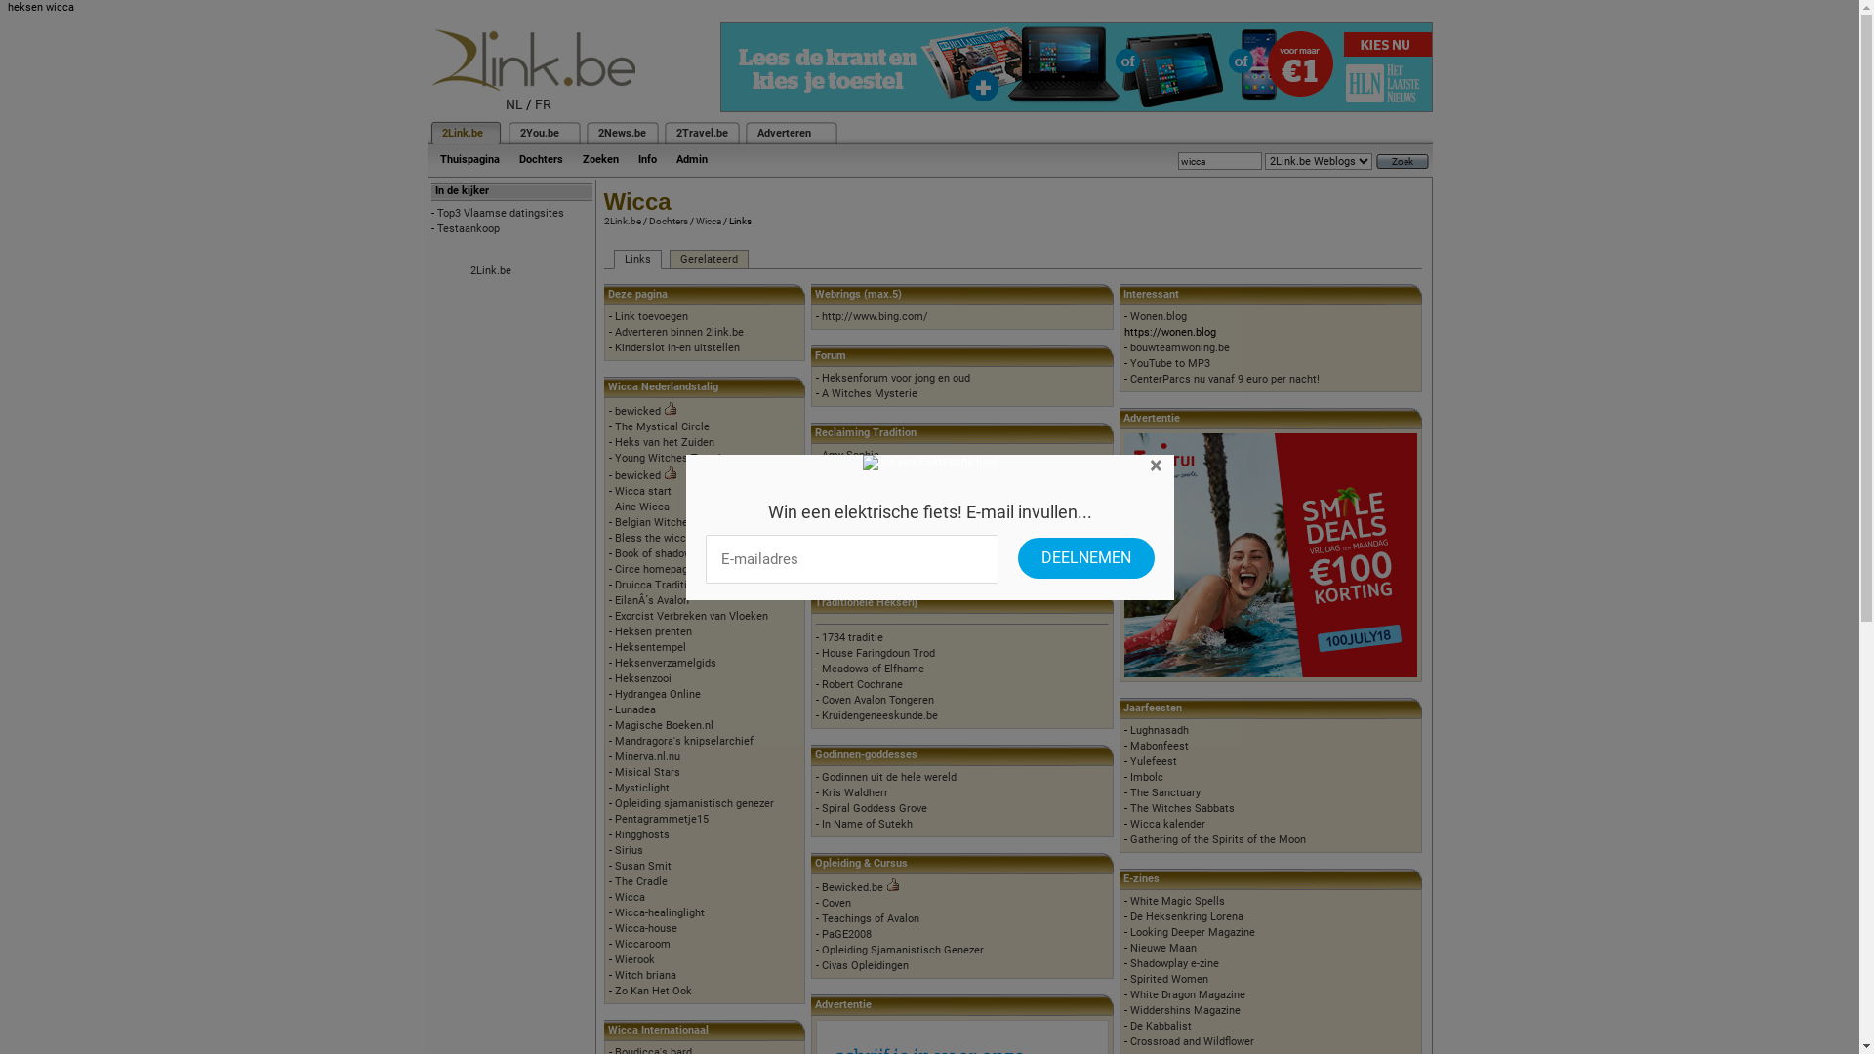  What do you see at coordinates (1161, 1025) in the screenshot?
I see `'De Kabbalist'` at bounding box center [1161, 1025].